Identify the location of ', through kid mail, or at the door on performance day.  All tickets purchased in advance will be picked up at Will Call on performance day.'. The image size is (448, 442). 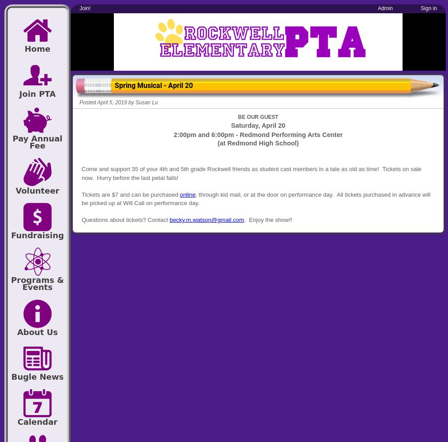
(256, 198).